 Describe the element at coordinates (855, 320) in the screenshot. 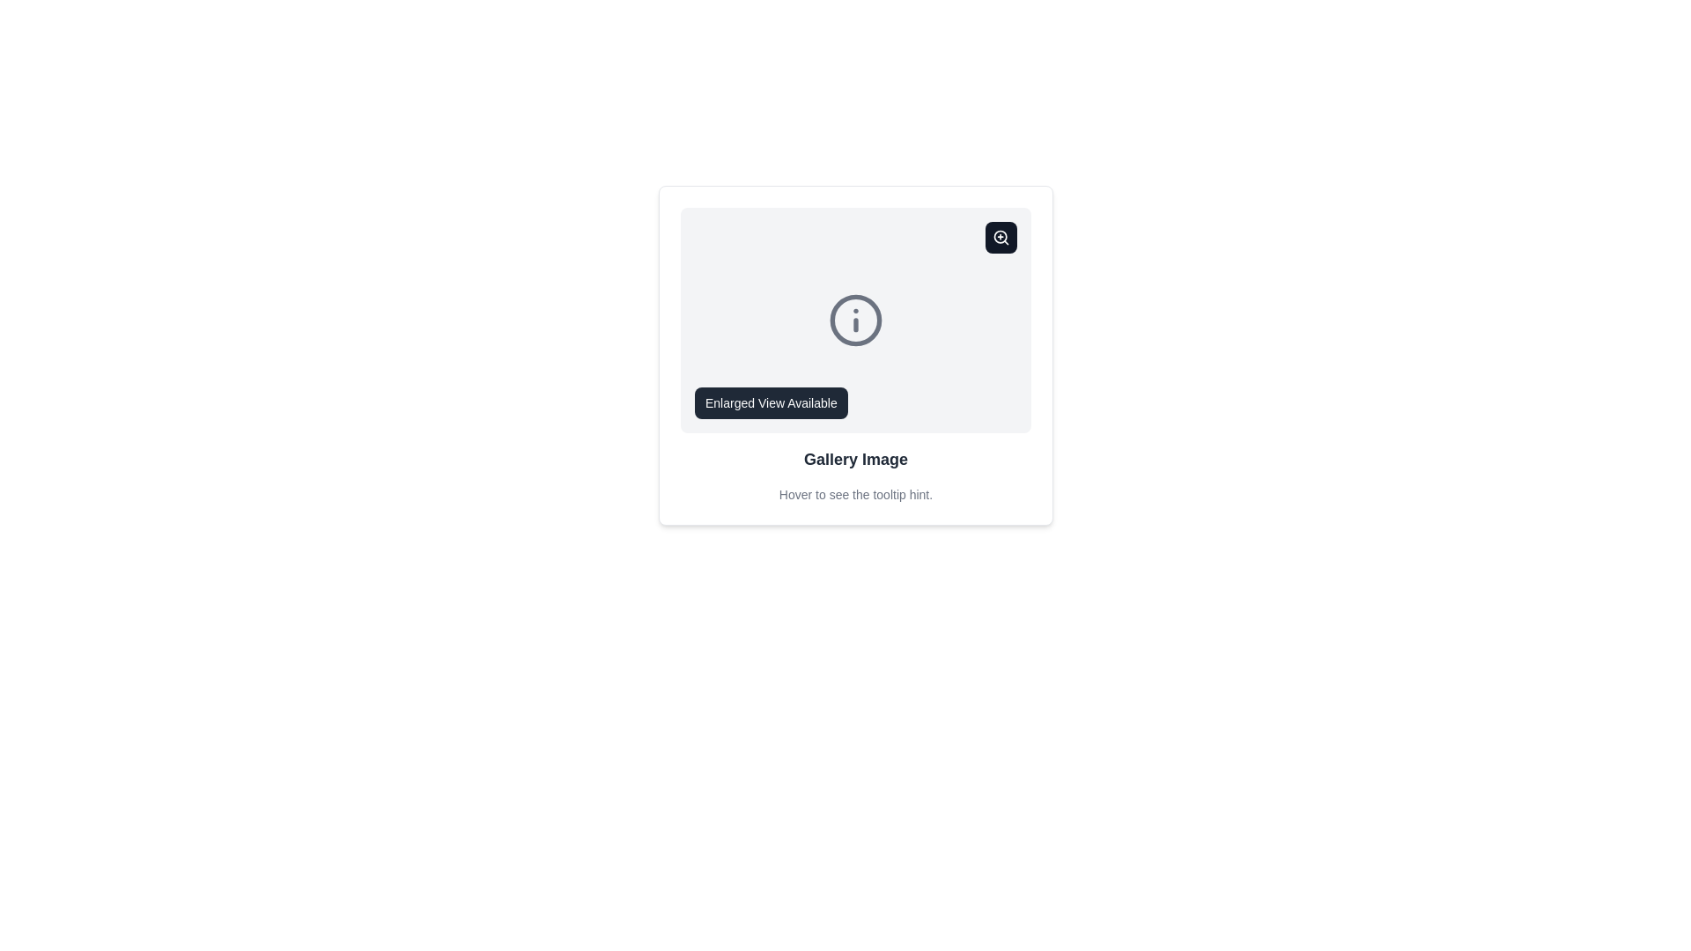

I see `the information icon located between the zoom magnifying glass icon above and the 'Gallery Image' text label below` at that location.